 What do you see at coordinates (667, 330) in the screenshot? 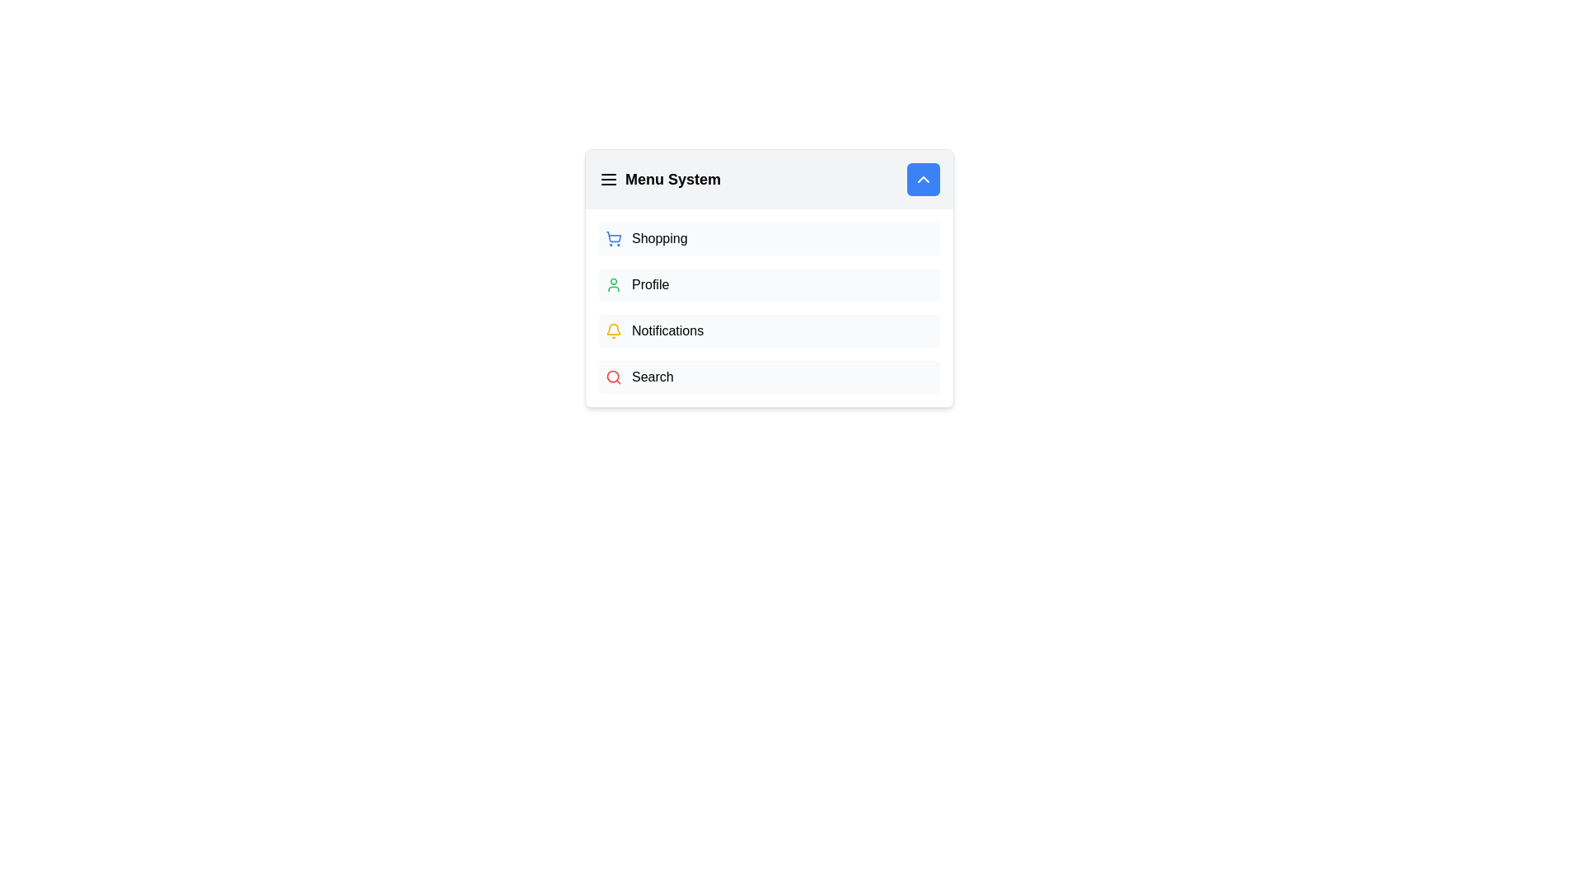
I see `the 'Notifications' text label in the vertical menu list to observe the background change` at bounding box center [667, 330].